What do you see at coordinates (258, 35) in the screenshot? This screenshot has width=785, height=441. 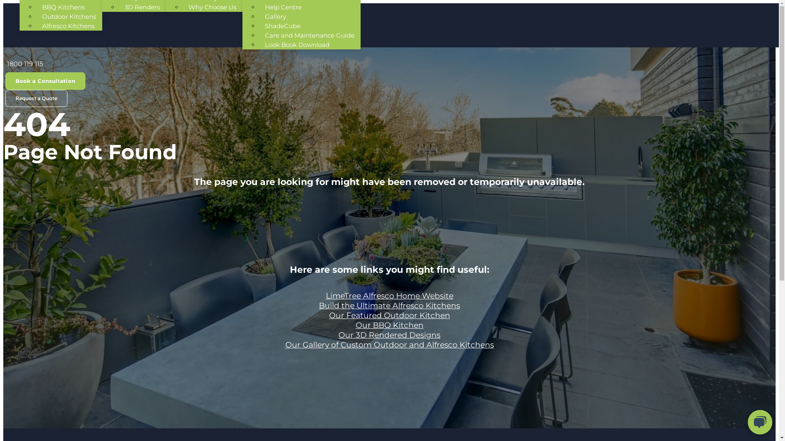 I see `'Care and Maintenance Guide'` at bounding box center [258, 35].